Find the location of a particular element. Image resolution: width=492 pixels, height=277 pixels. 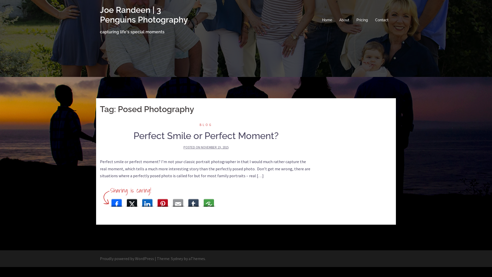

'Facebook' is located at coordinates (116, 201).